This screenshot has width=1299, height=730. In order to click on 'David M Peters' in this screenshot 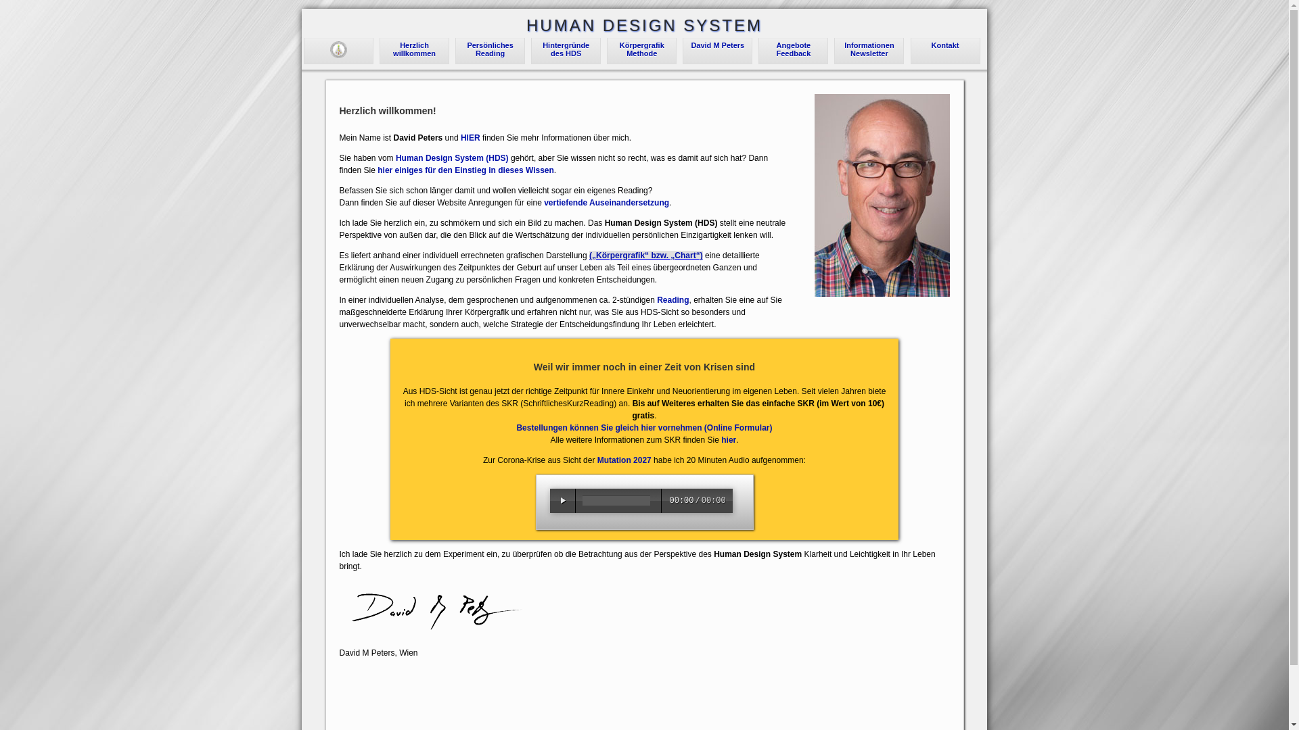, I will do `click(716, 44)`.